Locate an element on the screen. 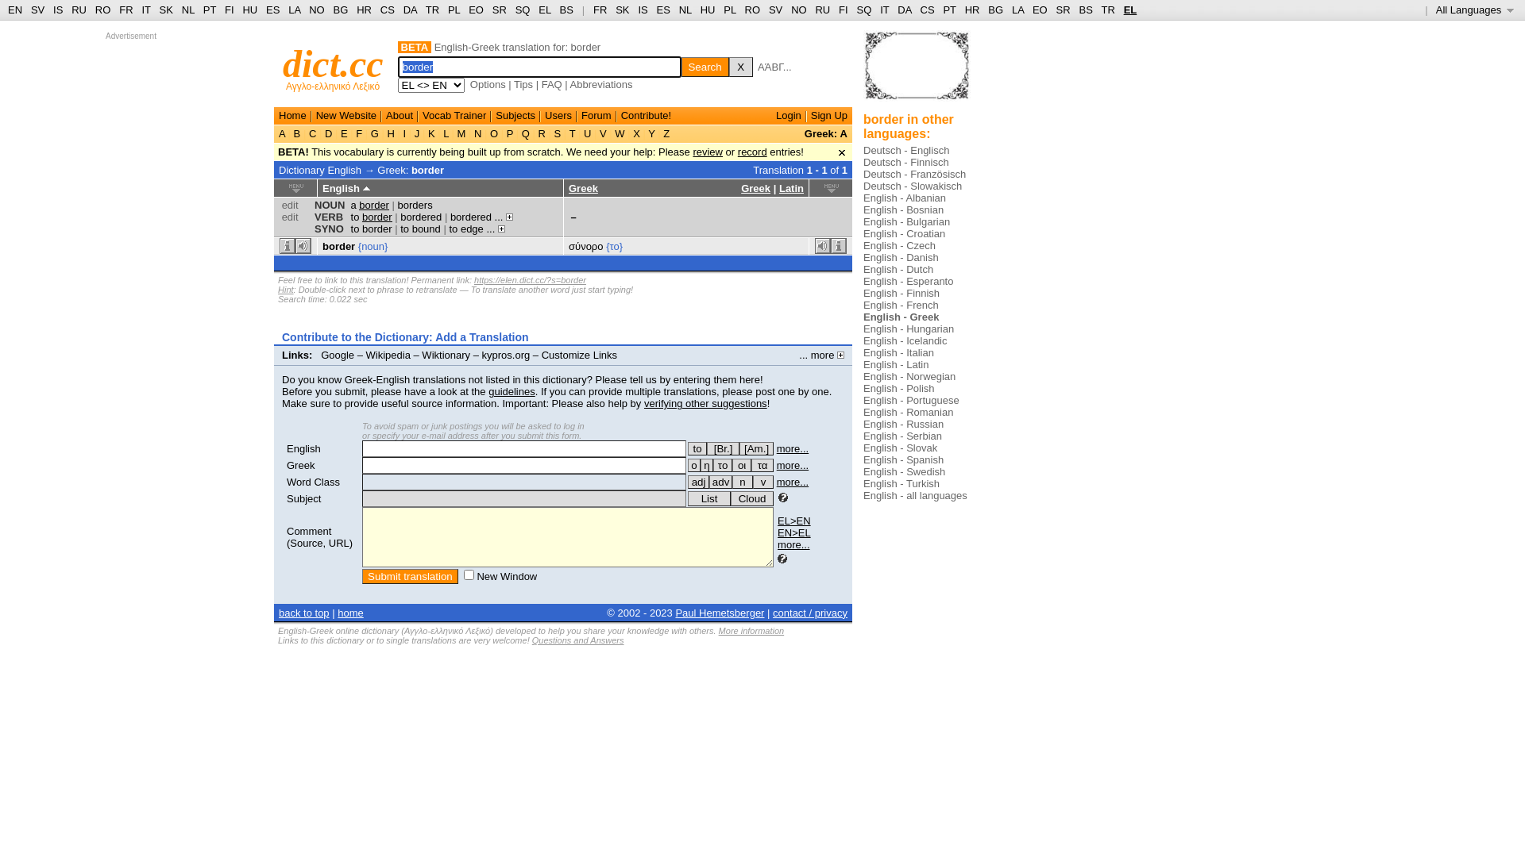  'to border' is located at coordinates (370, 229).